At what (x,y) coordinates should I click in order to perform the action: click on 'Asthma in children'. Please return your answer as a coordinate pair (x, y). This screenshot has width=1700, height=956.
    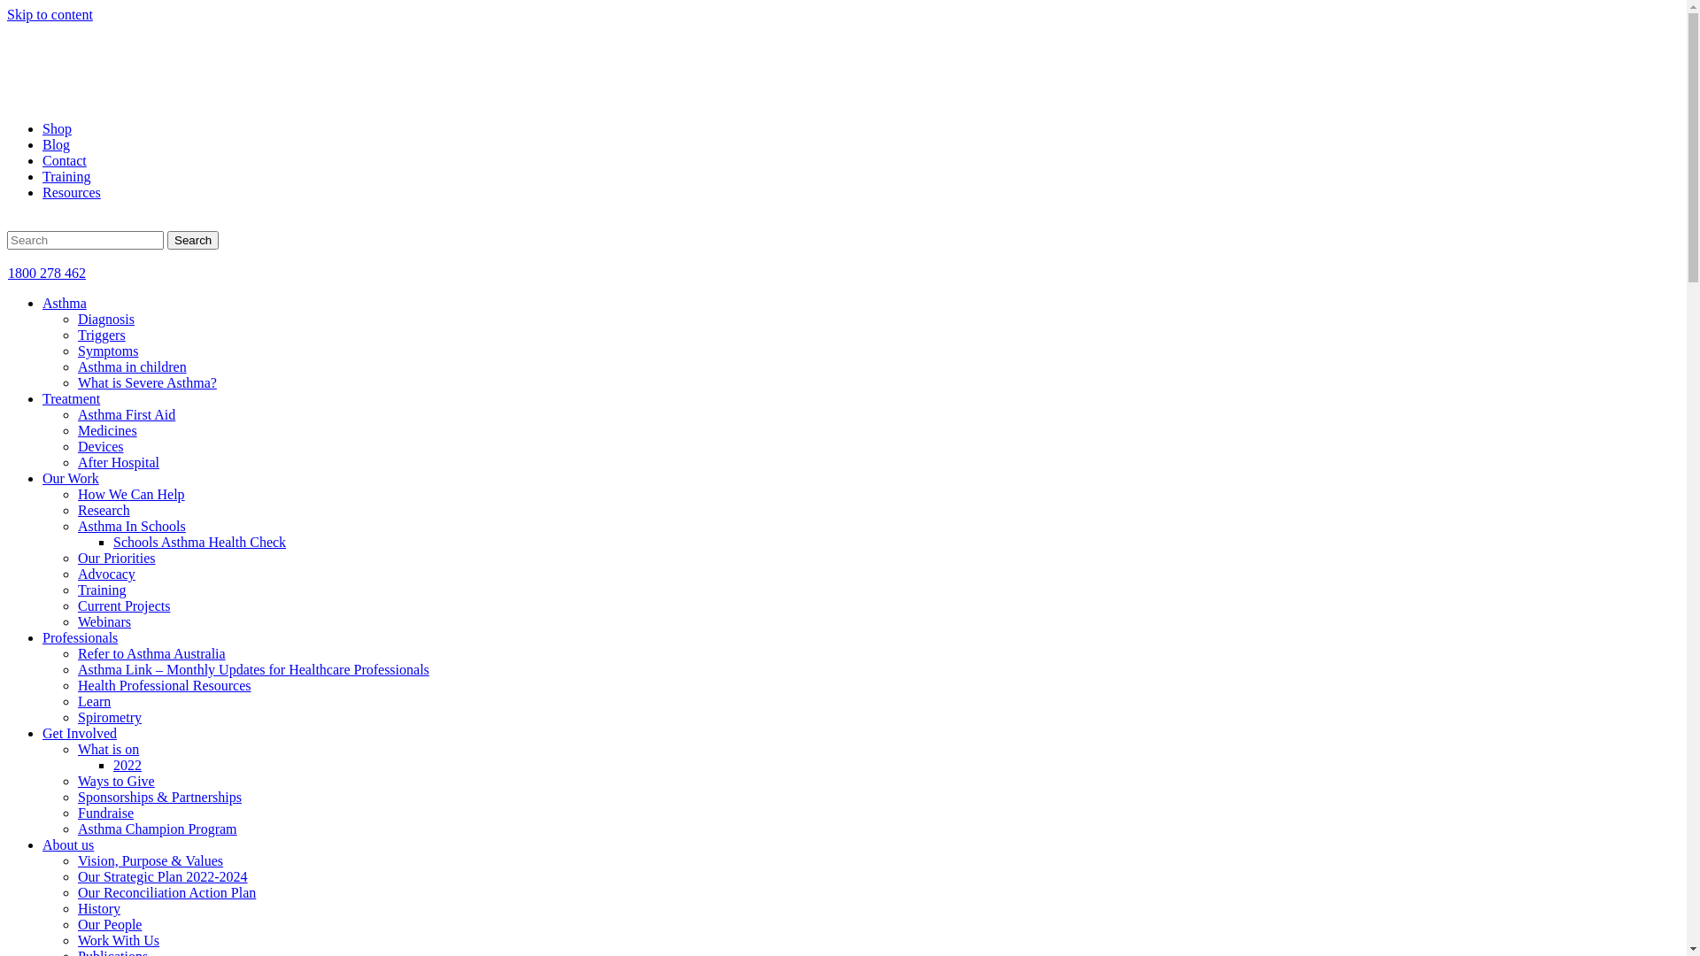
    Looking at the image, I should click on (131, 366).